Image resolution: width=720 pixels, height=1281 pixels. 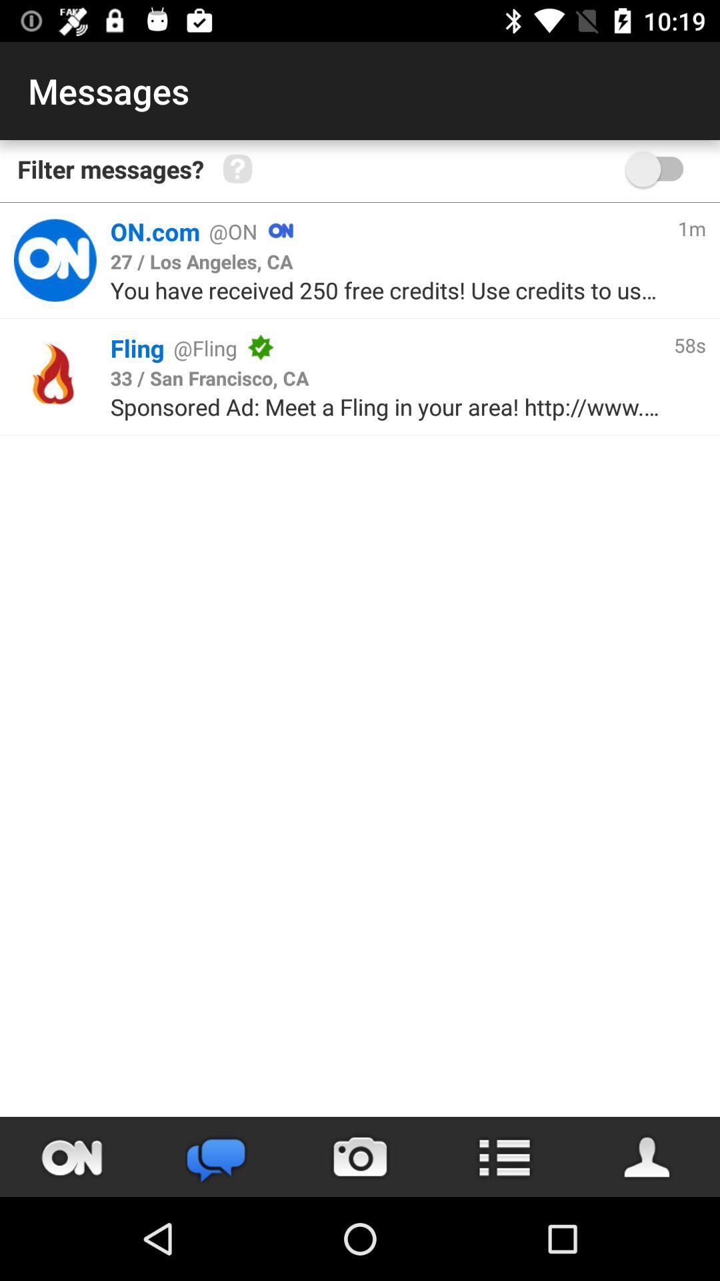 What do you see at coordinates (691, 228) in the screenshot?
I see `1m icon` at bounding box center [691, 228].